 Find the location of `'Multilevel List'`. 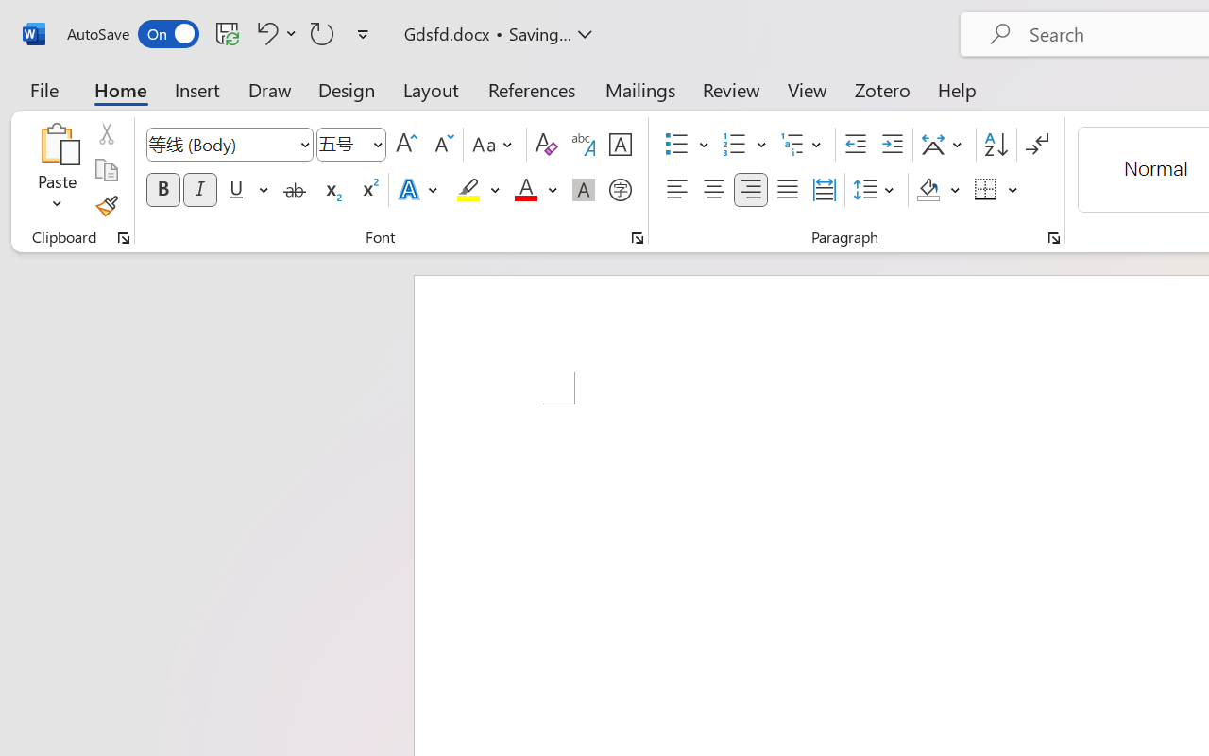

'Multilevel List' is located at coordinates (803, 145).